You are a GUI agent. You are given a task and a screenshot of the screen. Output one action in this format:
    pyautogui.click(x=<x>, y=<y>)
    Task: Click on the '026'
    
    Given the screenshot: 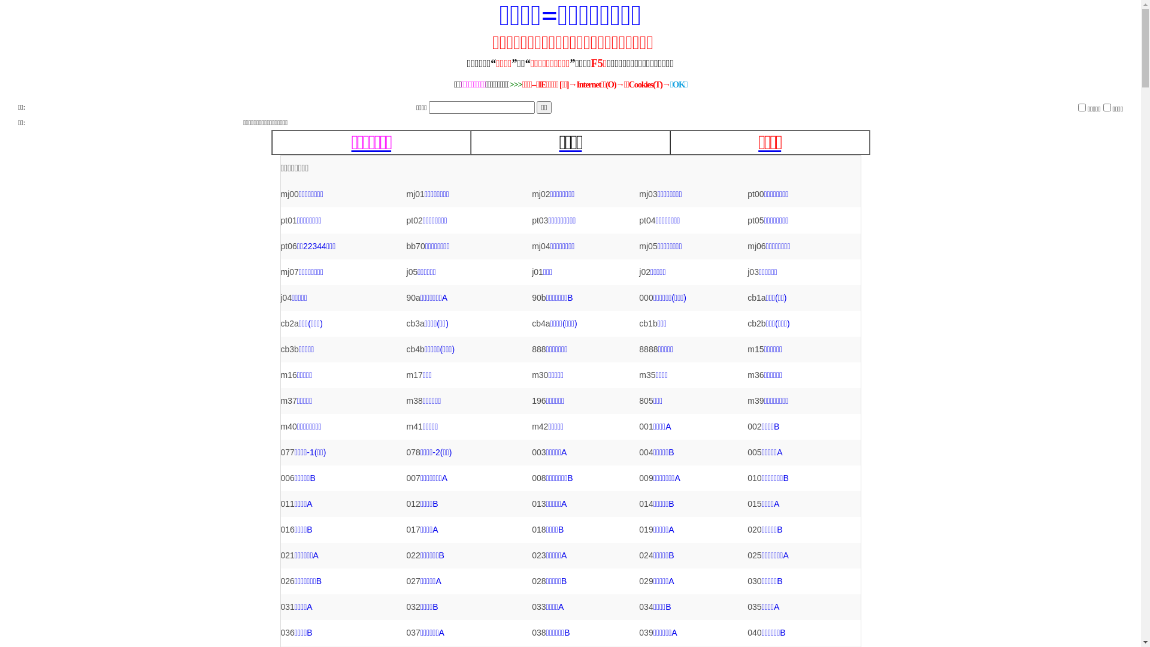 What is the action you would take?
    pyautogui.click(x=286, y=580)
    